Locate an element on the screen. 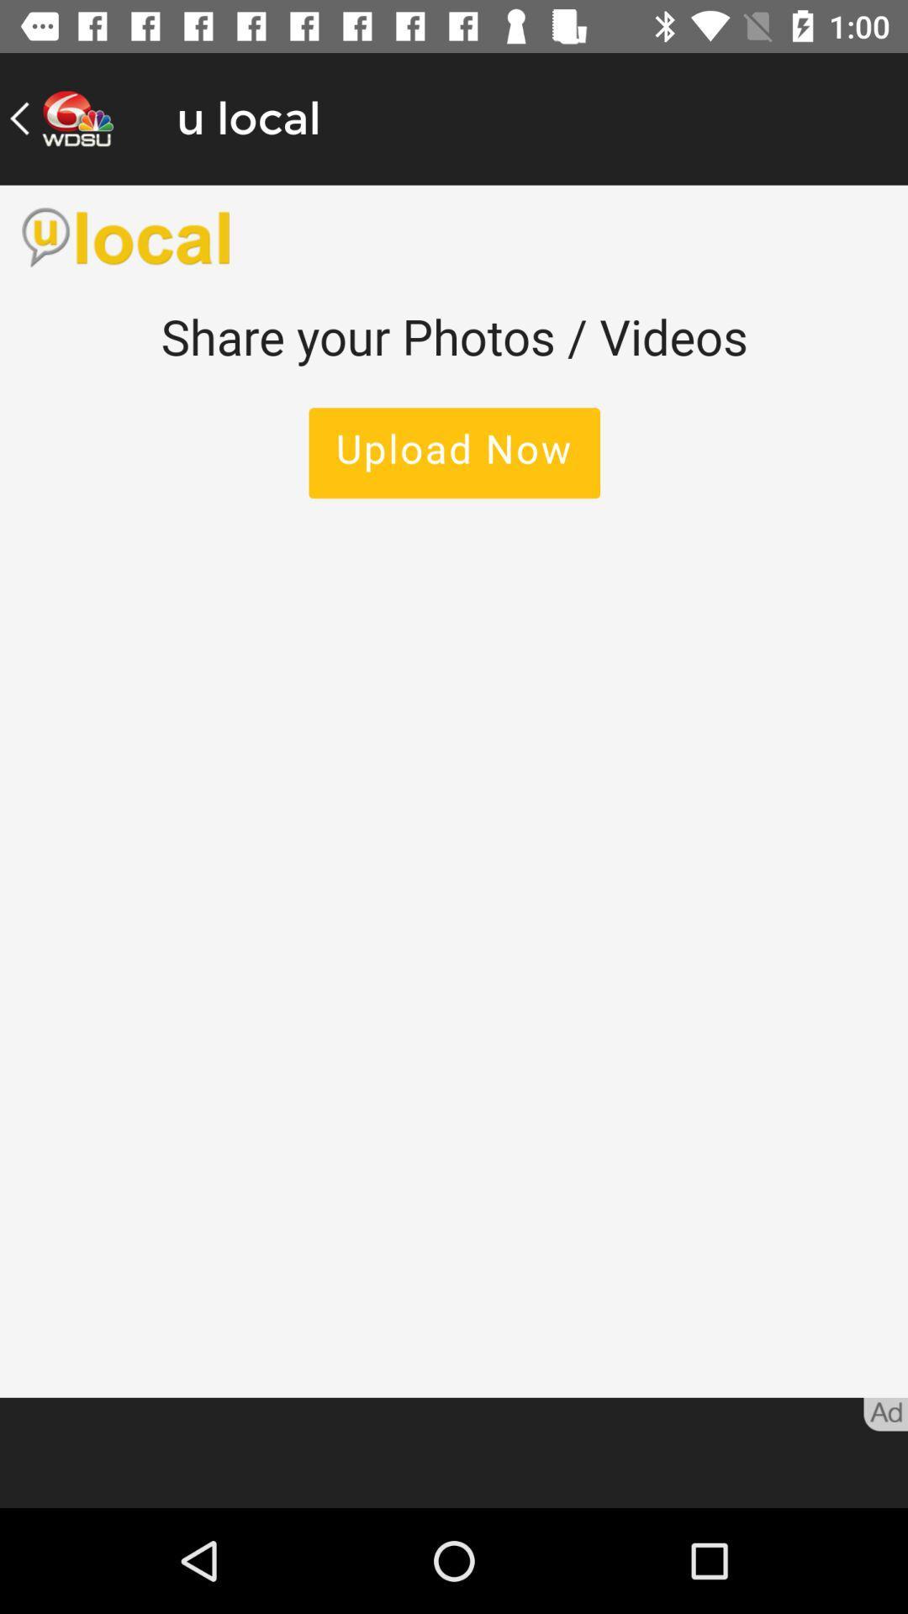 The image size is (908, 1614). your media is located at coordinates (454, 790).